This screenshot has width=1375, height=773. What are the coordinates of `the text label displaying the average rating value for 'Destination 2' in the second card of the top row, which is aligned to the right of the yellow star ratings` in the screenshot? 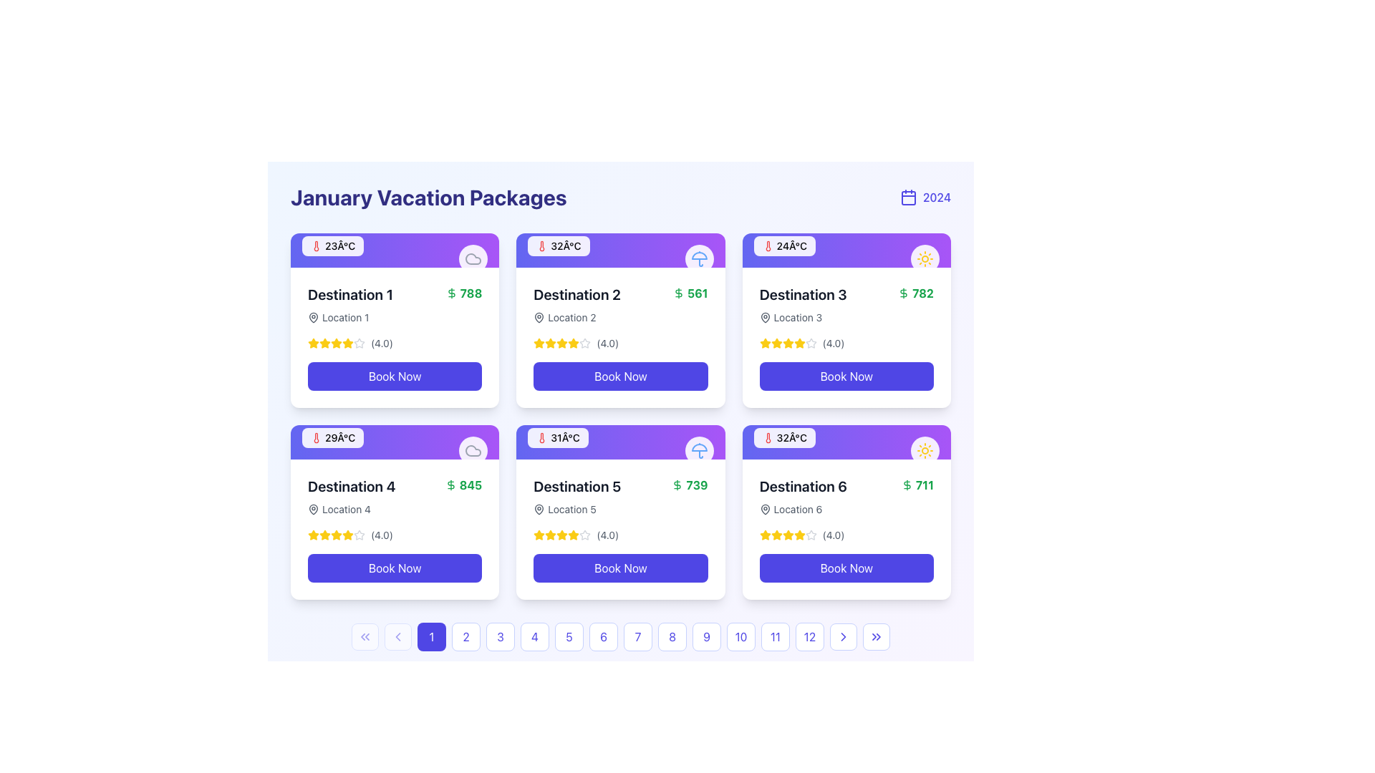 It's located at (607, 343).